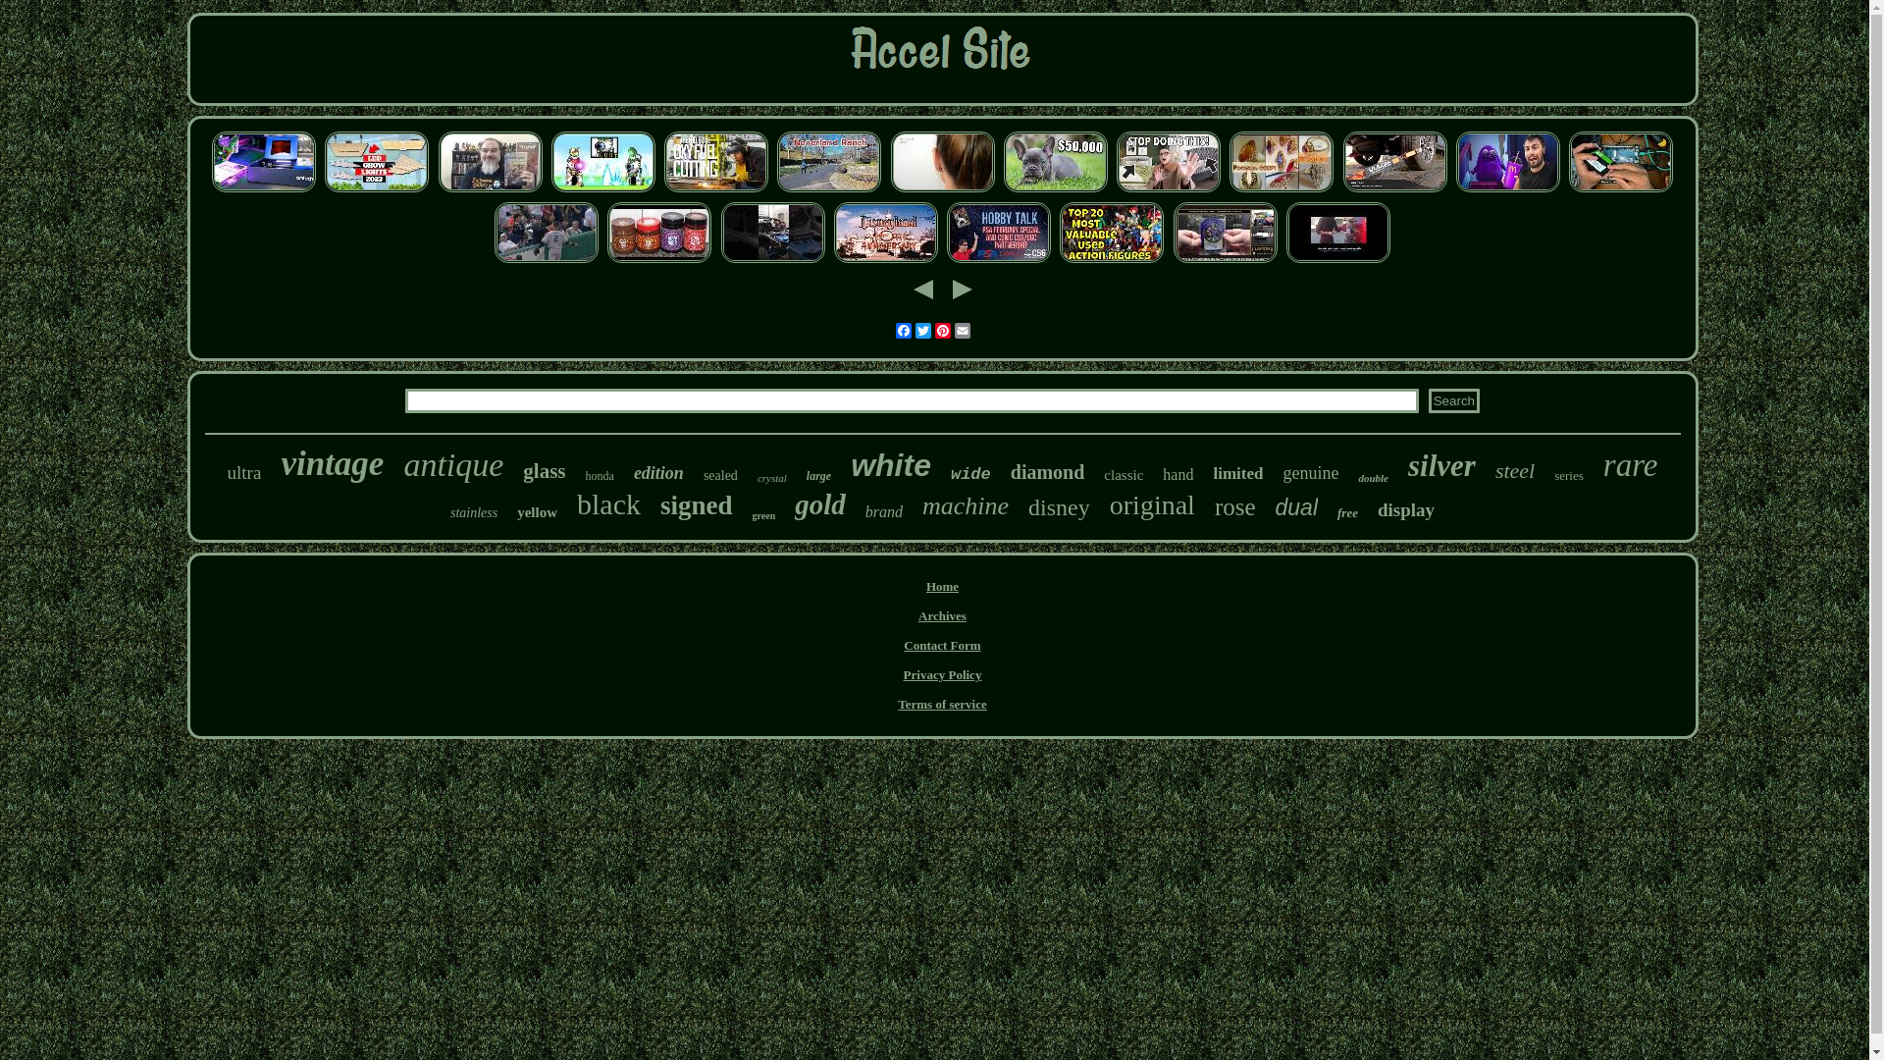  Describe the element at coordinates (1177, 474) in the screenshot. I see `'hand'` at that location.